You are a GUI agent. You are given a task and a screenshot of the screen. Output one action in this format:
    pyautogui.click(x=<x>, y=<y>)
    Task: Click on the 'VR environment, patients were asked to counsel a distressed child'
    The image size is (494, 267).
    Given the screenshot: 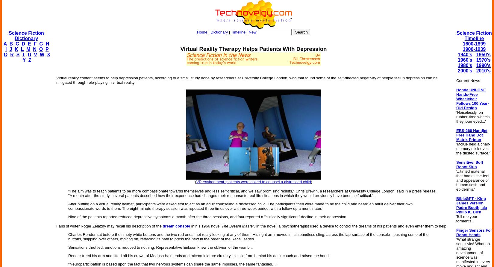 What is the action you would take?
    pyautogui.click(x=253, y=181)
    